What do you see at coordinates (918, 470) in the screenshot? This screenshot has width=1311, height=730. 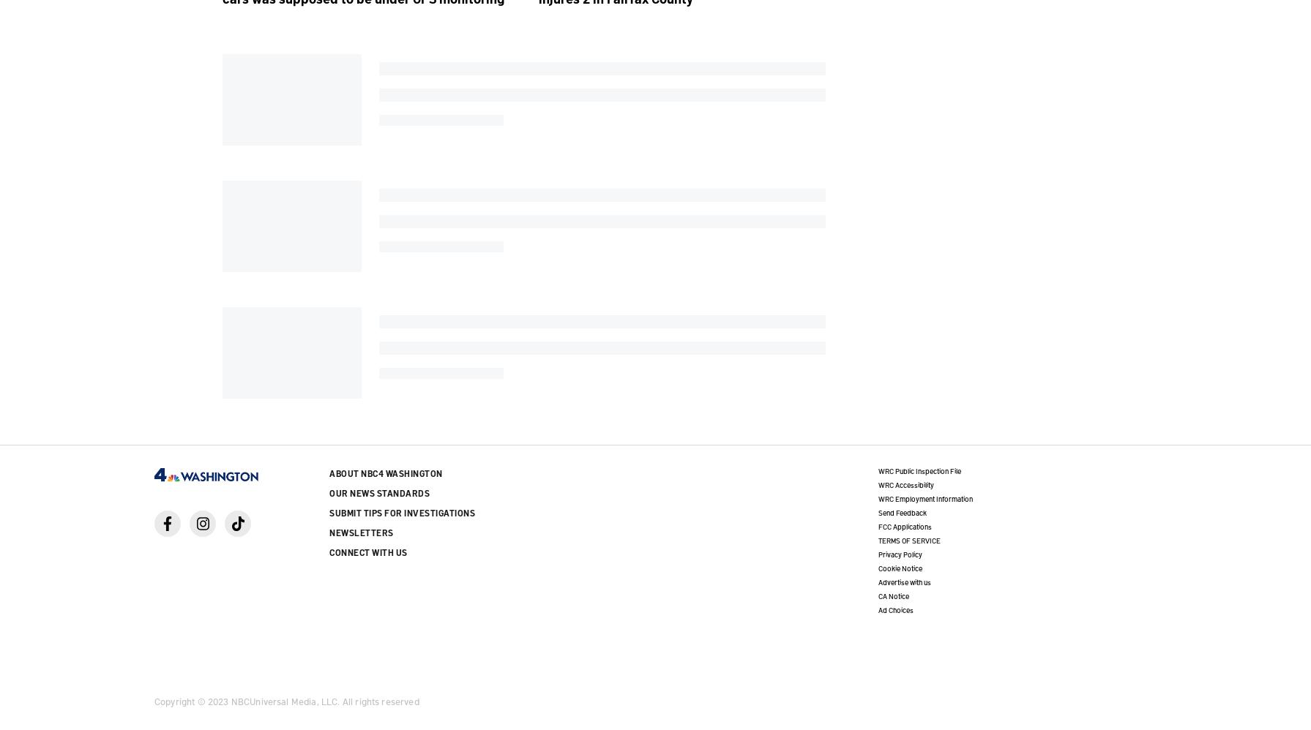 I see `'WRC Public Inspection File'` at bounding box center [918, 470].